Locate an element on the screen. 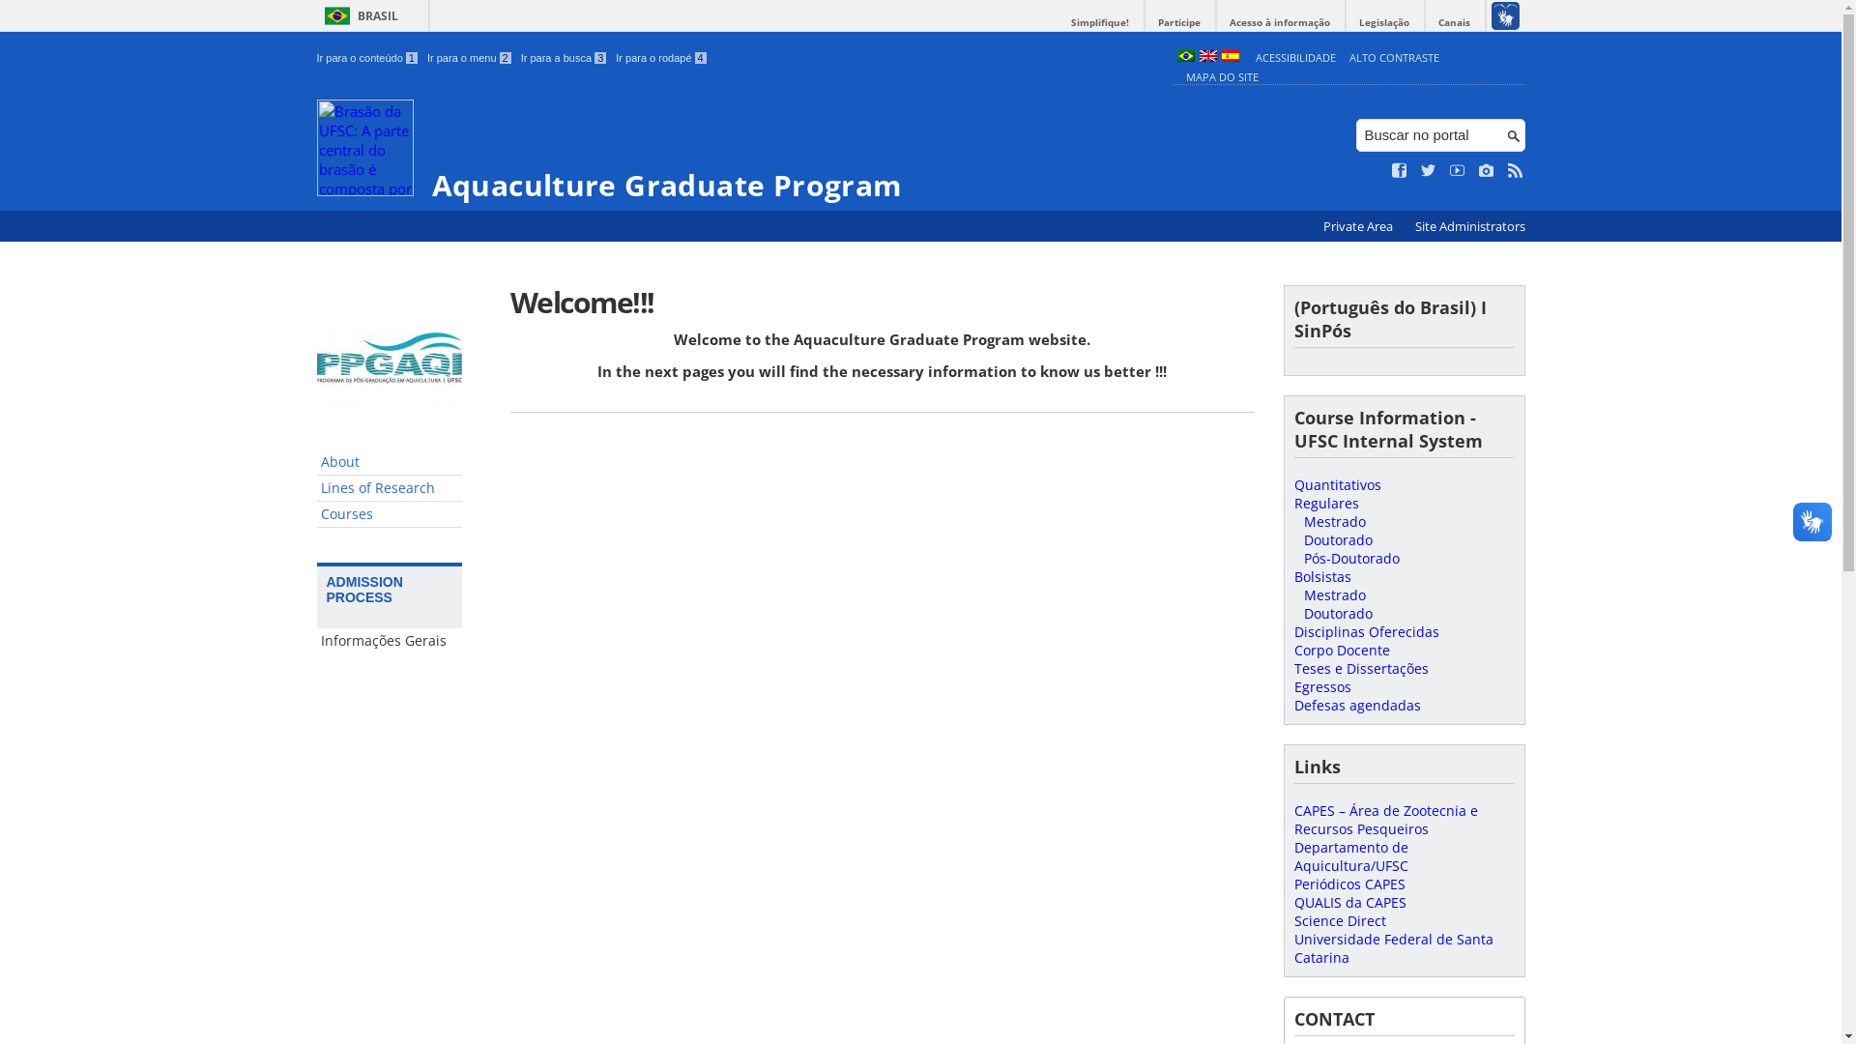 This screenshot has height=1044, width=1856. 'ACESSIBILIDADE' is located at coordinates (1295, 56).